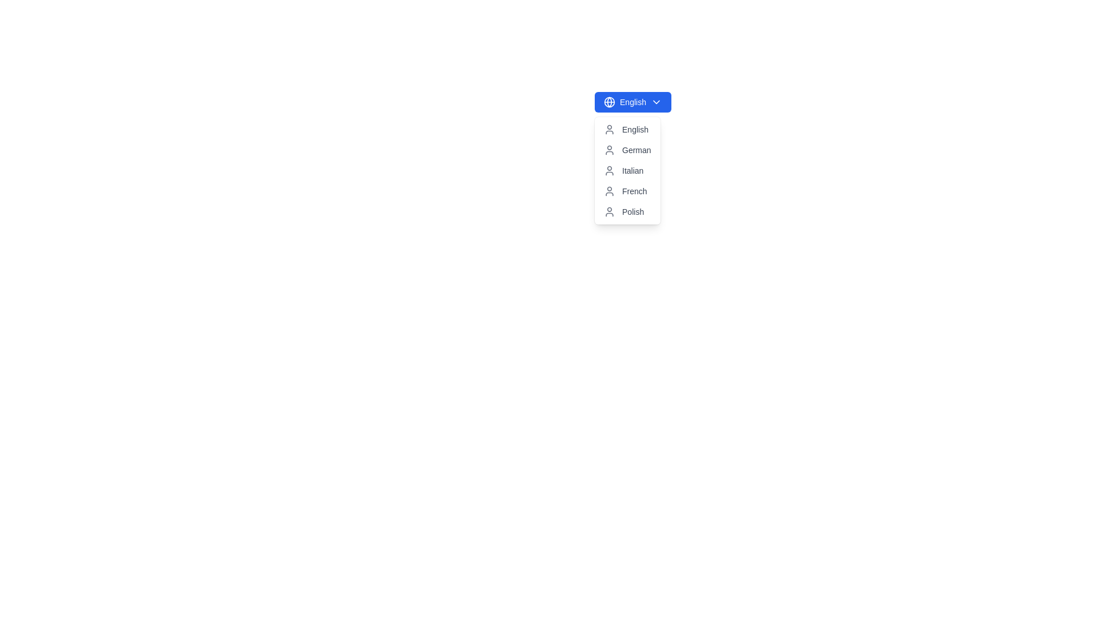 The height and width of the screenshot is (617, 1098). I want to click on the third item in the dropdown menu, which is labeled 'Italian' and located directly below the 'German' item and above the 'French' item, so click(627, 171).